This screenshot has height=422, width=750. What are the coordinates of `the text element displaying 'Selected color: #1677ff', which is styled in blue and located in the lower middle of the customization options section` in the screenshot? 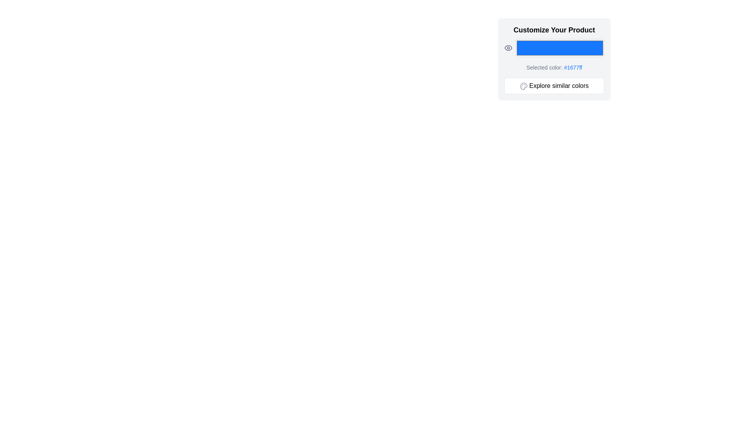 It's located at (554, 67).